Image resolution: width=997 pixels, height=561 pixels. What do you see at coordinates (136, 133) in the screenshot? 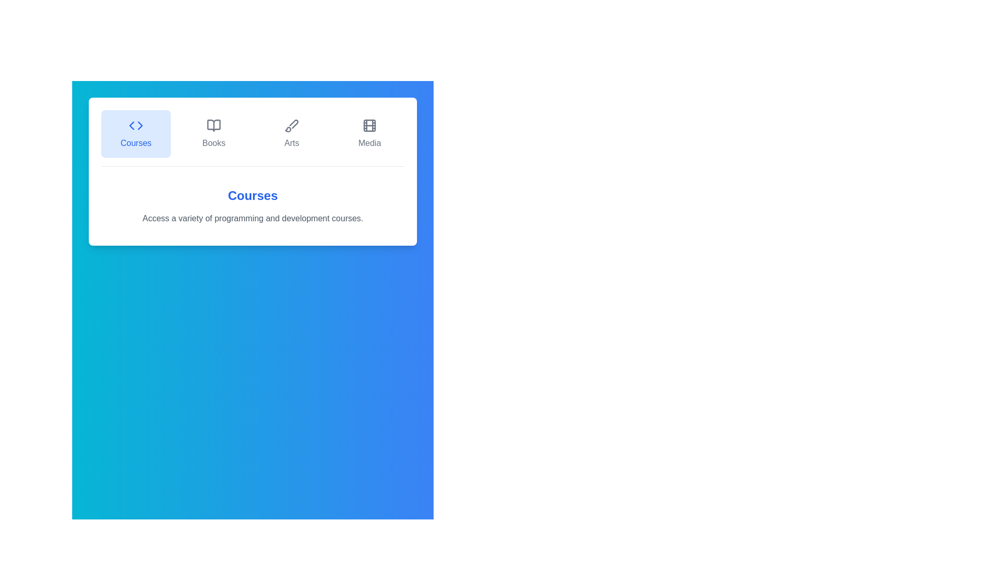
I see `the Courses tab by clicking on its button` at bounding box center [136, 133].